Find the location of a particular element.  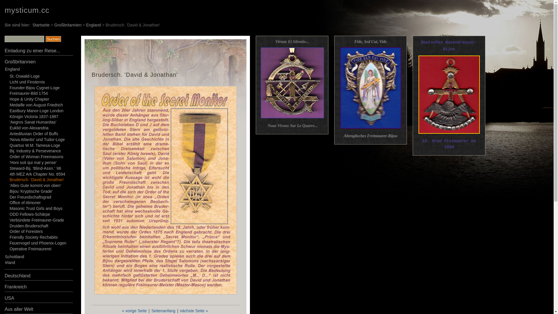

'Altenglisches Freimaurer-Bijou 1914' is located at coordinates (370, 88).